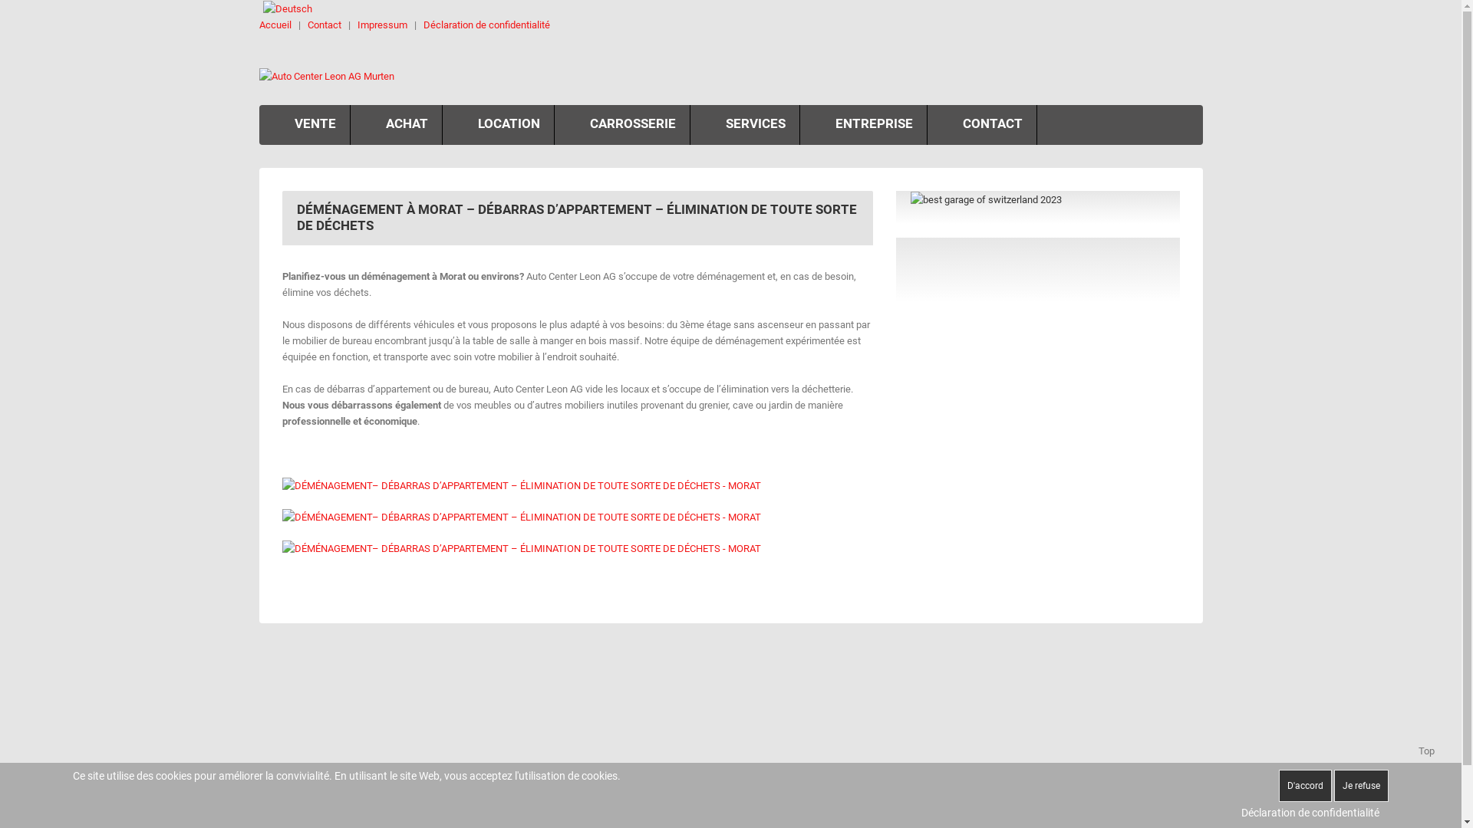  What do you see at coordinates (259, 25) in the screenshot?
I see `'Accueil'` at bounding box center [259, 25].